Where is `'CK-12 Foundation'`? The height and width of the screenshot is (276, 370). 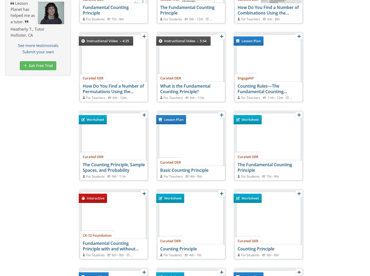 'CK-12 Foundation' is located at coordinates (83, 235).